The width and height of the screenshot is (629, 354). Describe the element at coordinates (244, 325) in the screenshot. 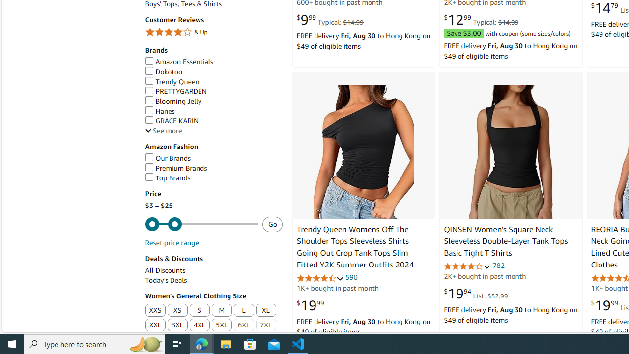

I see `'6XL'` at that location.